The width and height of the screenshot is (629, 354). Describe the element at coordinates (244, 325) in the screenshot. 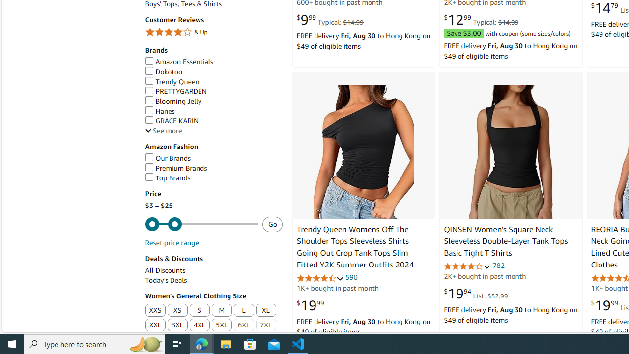

I see `'6XL'` at that location.